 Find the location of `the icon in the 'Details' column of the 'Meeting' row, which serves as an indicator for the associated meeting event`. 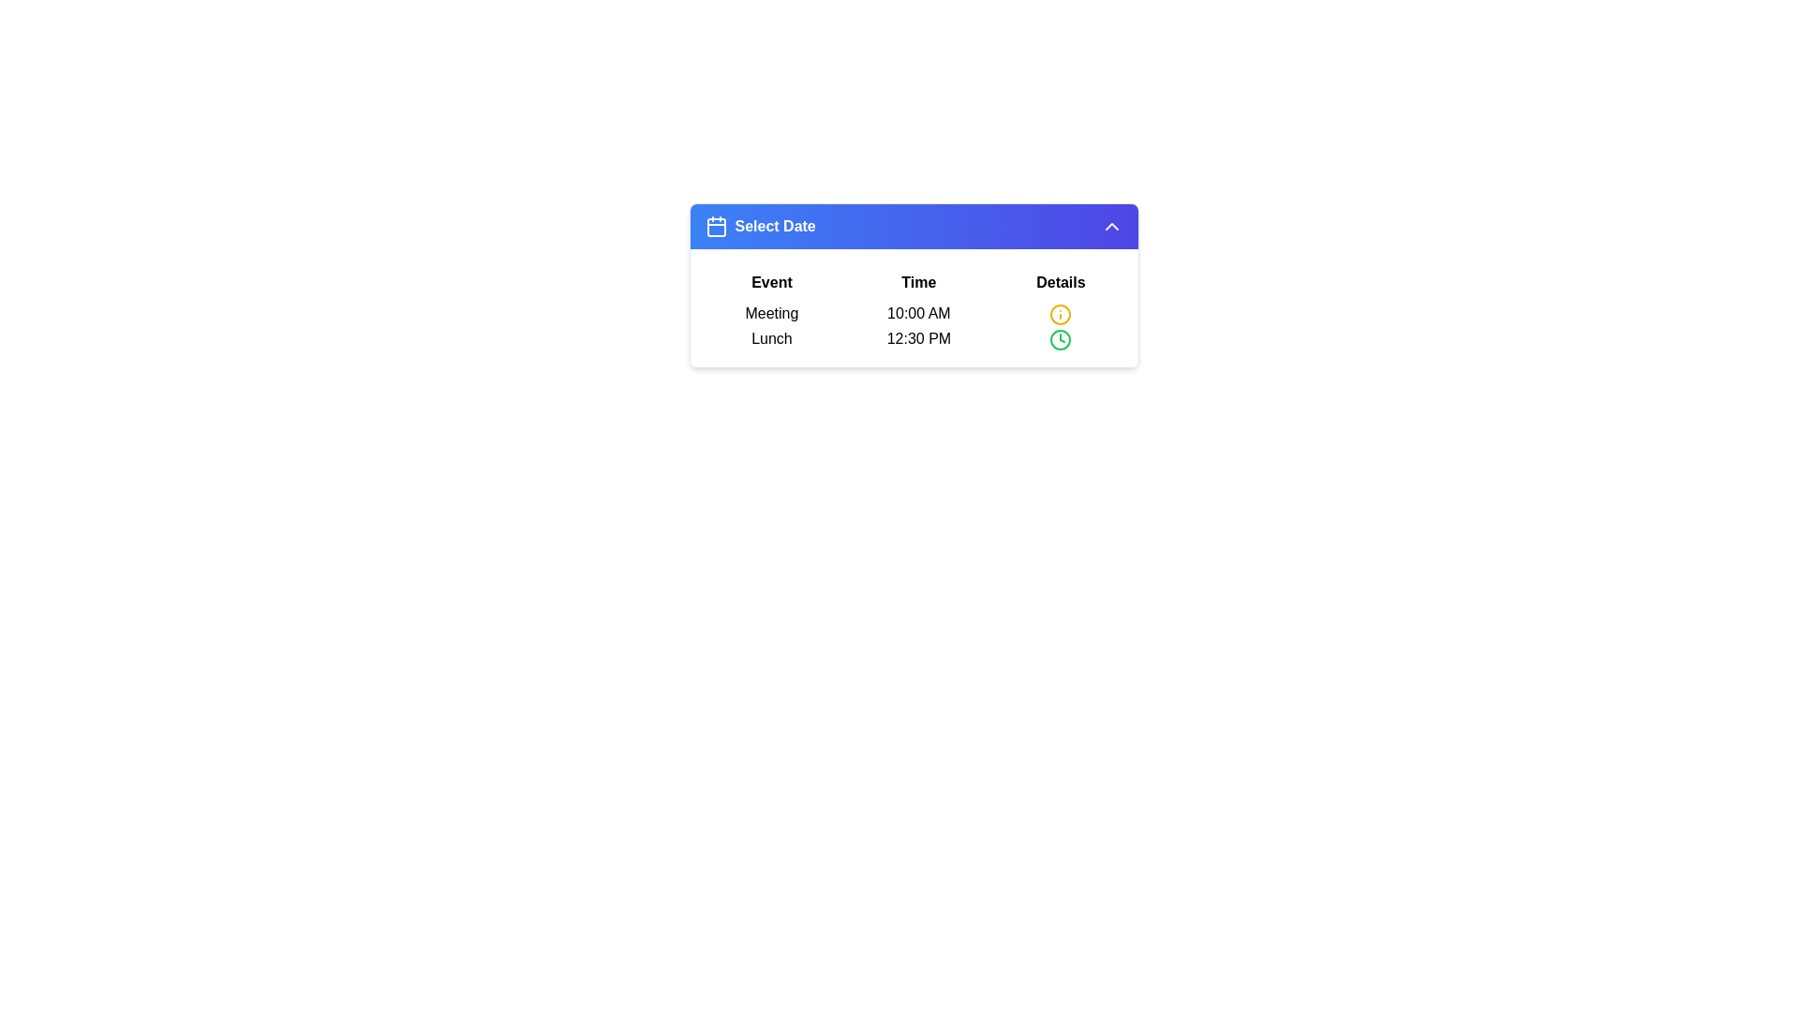

the icon in the 'Details' column of the 'Meeting' row, which serves as an indicator for the associated meeting event is located at coordinates (1061, 313).